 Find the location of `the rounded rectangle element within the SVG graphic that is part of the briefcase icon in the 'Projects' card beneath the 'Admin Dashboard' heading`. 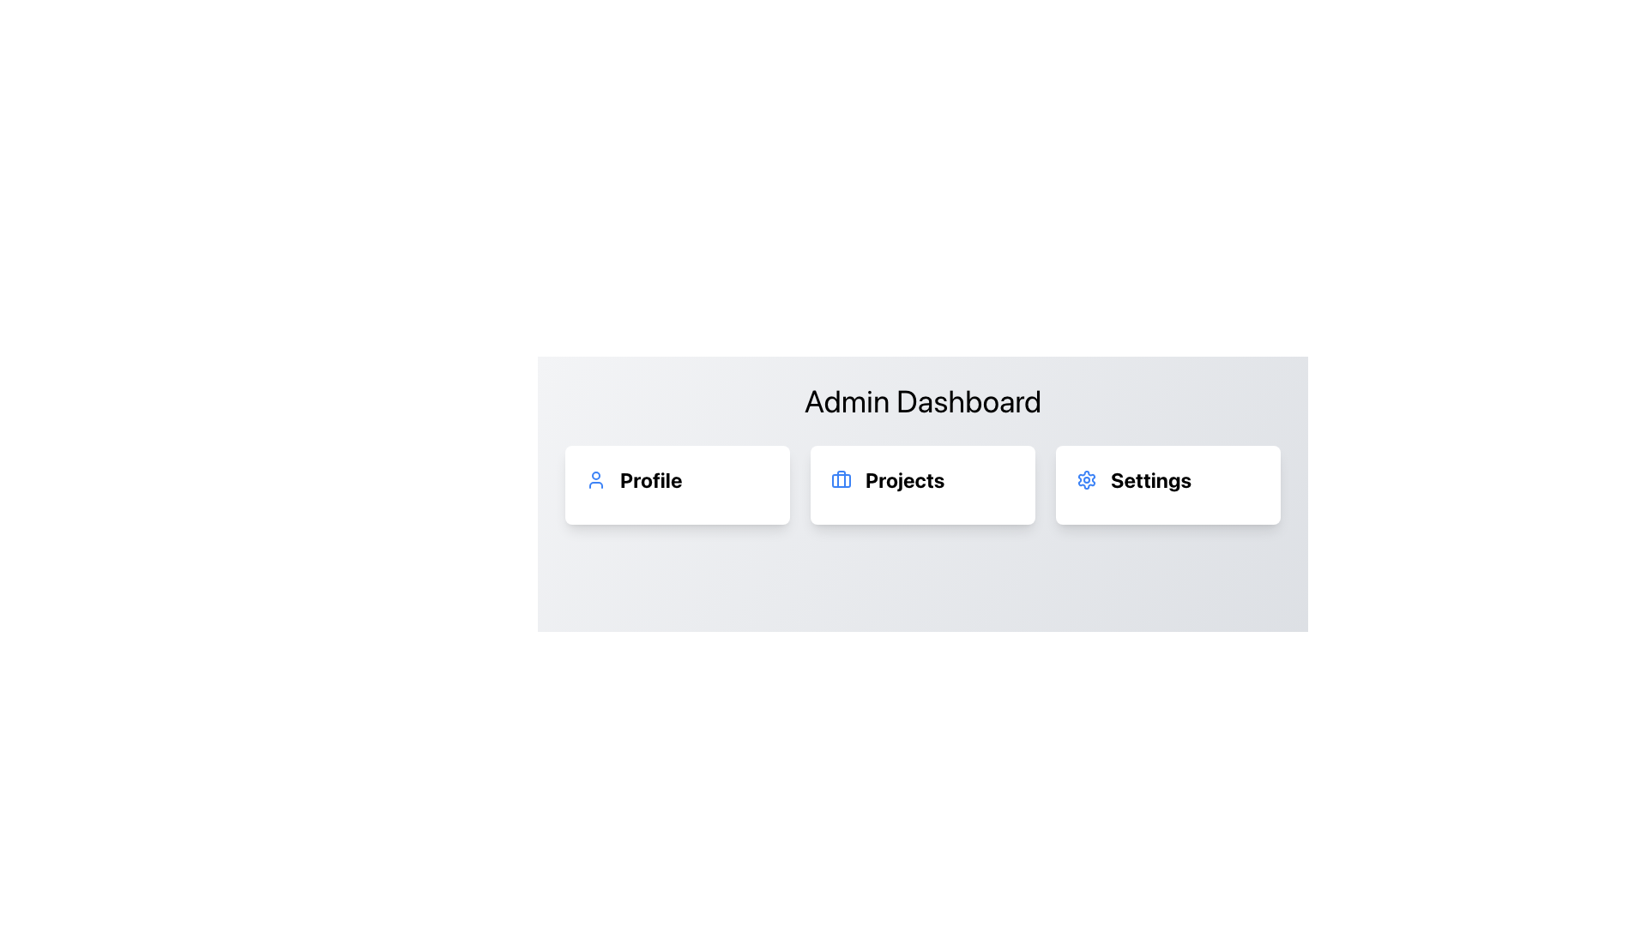

the rounded rectangle element within the SVG graphic that is part of the briefcase icon in the 'Projects' card beneath the 'Admin Dashboard' heading is located at coordinates (841, 480).